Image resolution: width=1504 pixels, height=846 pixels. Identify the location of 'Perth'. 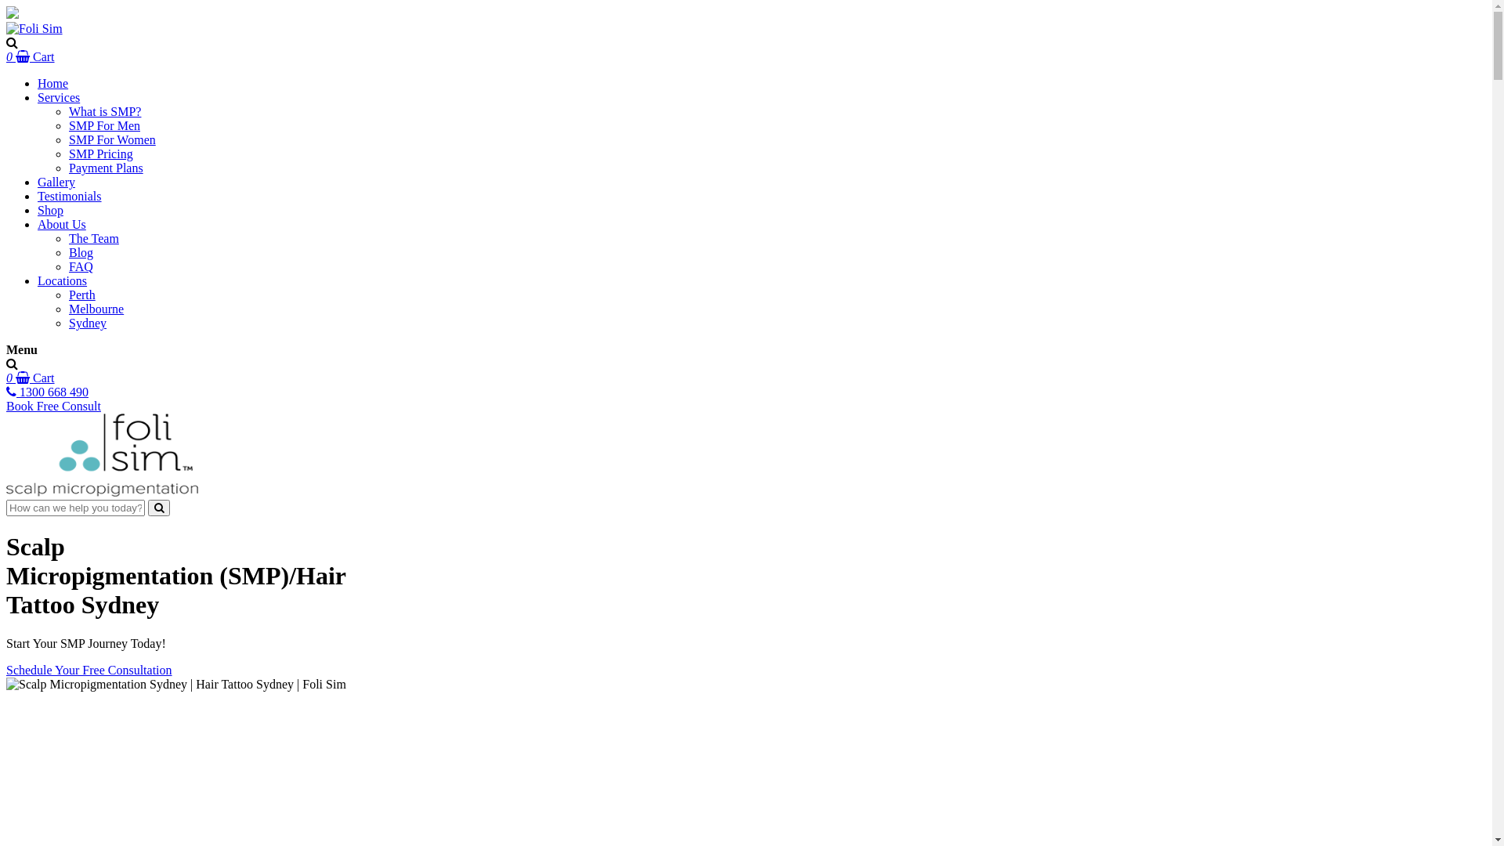
(81, 295).